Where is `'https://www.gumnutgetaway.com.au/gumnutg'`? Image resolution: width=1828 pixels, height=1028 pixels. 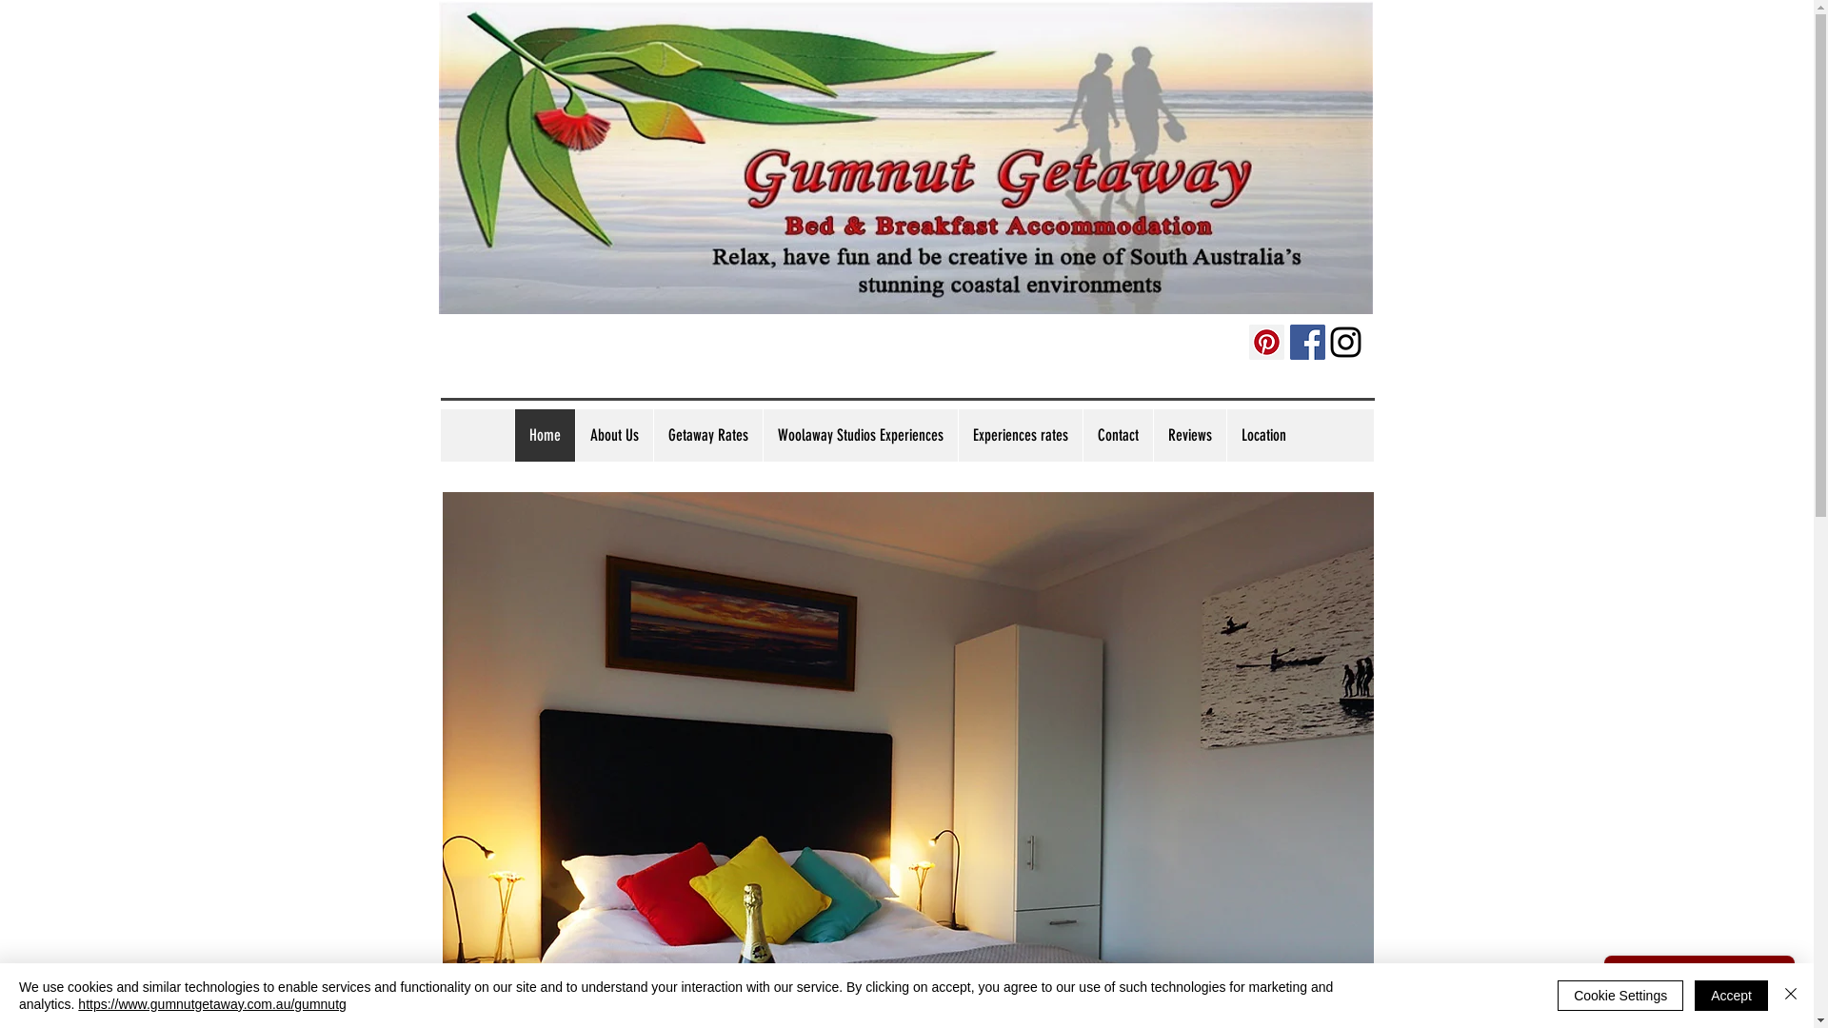 'https://www.gumnutgetaway.com.au/gumnutg' is located at coordinates (76, 1003).